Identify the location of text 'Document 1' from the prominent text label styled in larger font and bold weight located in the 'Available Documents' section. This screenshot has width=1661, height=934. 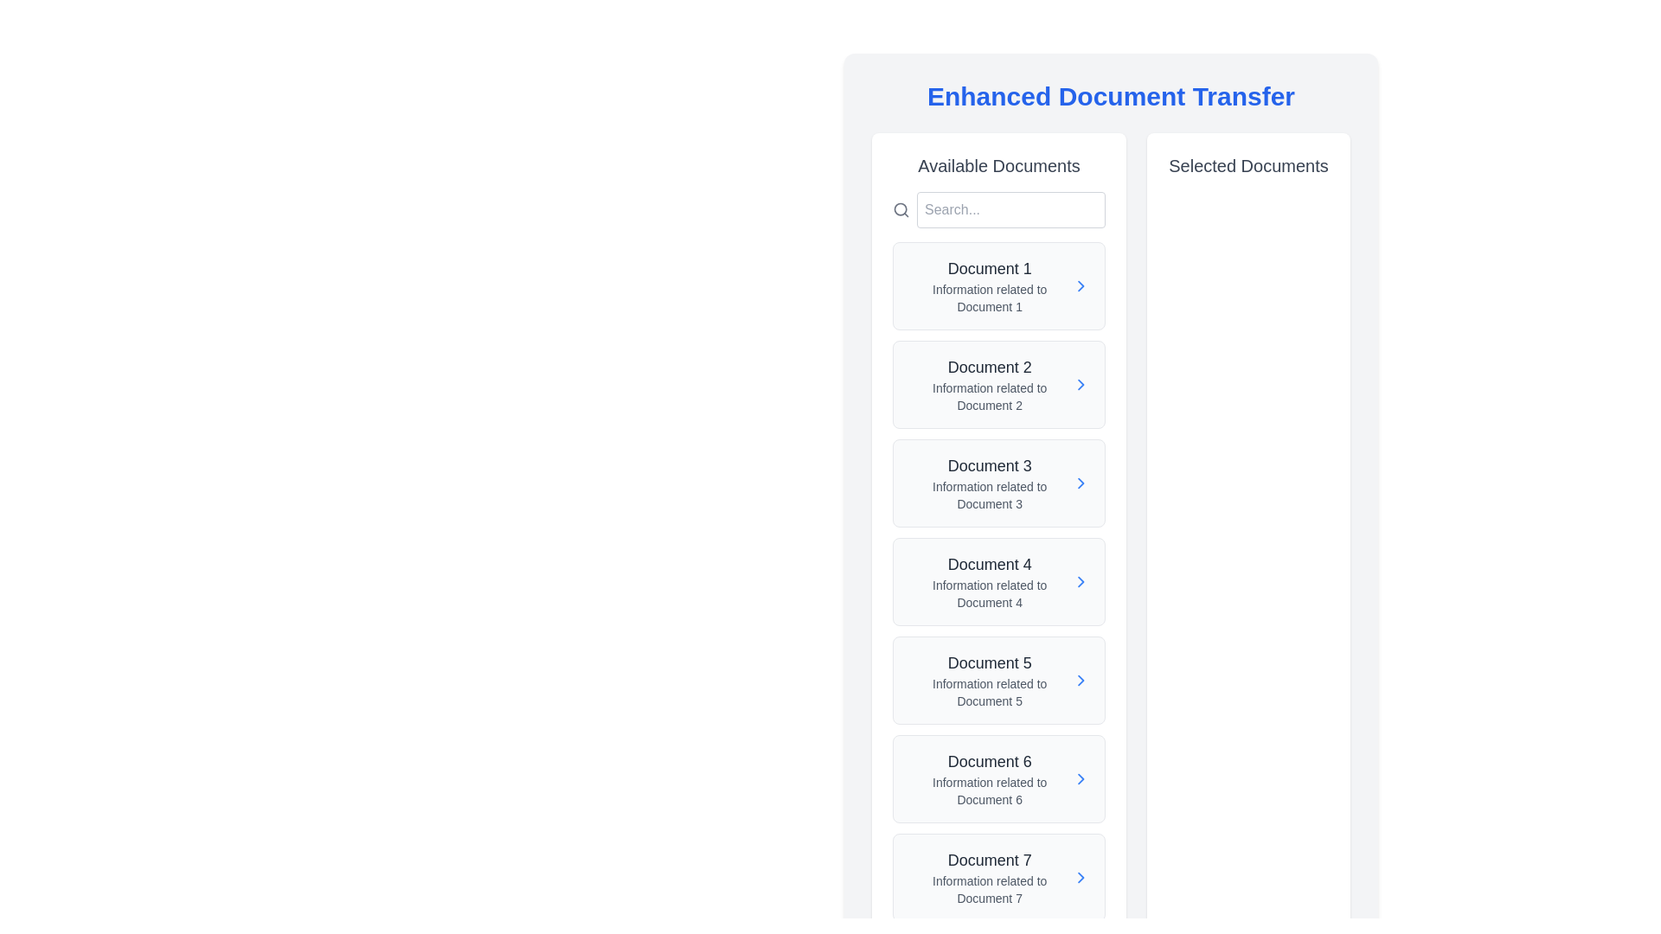
(990, 269).